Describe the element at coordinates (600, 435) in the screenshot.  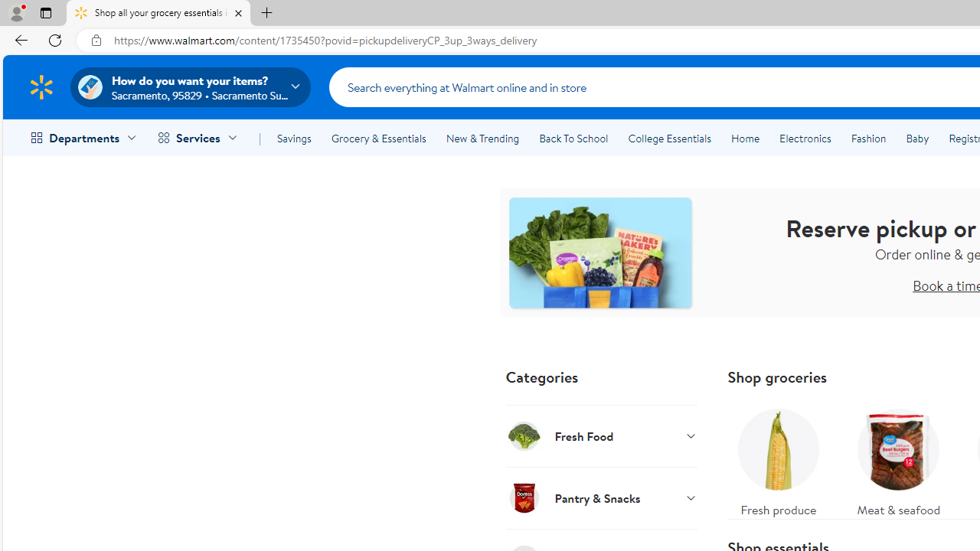
I see `'Fresh Food'` at that location.